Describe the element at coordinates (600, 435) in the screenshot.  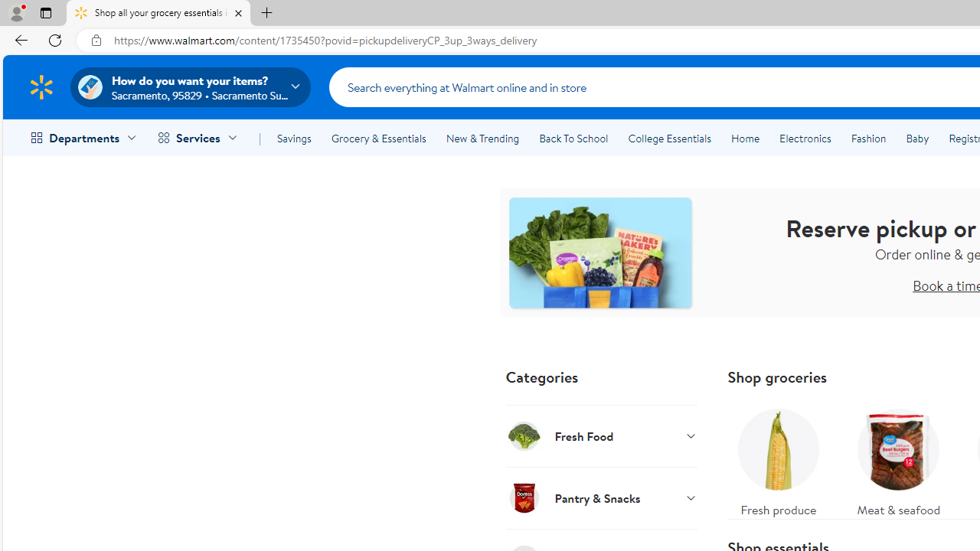
I see `'Fresh Food'` at that location.